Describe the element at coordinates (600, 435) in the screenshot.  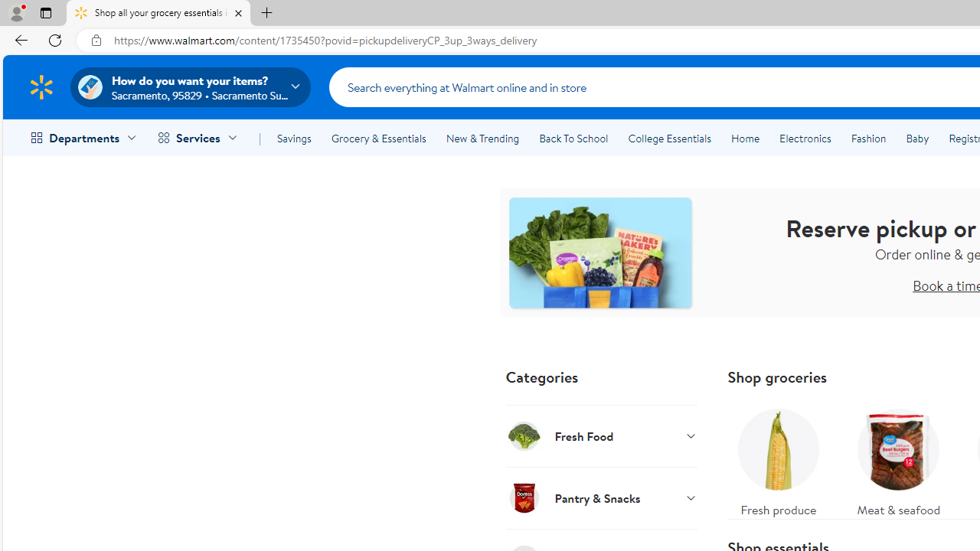
I see `'Fresh Food'` at that location.